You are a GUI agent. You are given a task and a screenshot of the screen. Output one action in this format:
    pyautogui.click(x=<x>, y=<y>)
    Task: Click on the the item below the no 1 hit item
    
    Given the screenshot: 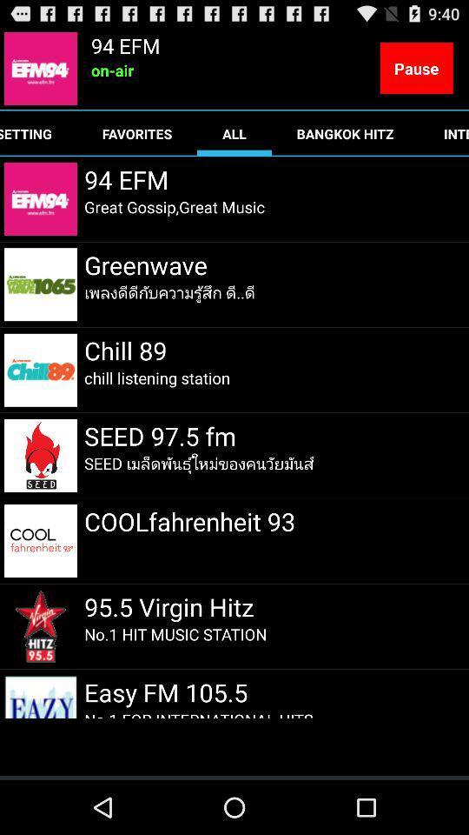 What is the action you would take?
    pyautogui.click(x=168, y=691)
    